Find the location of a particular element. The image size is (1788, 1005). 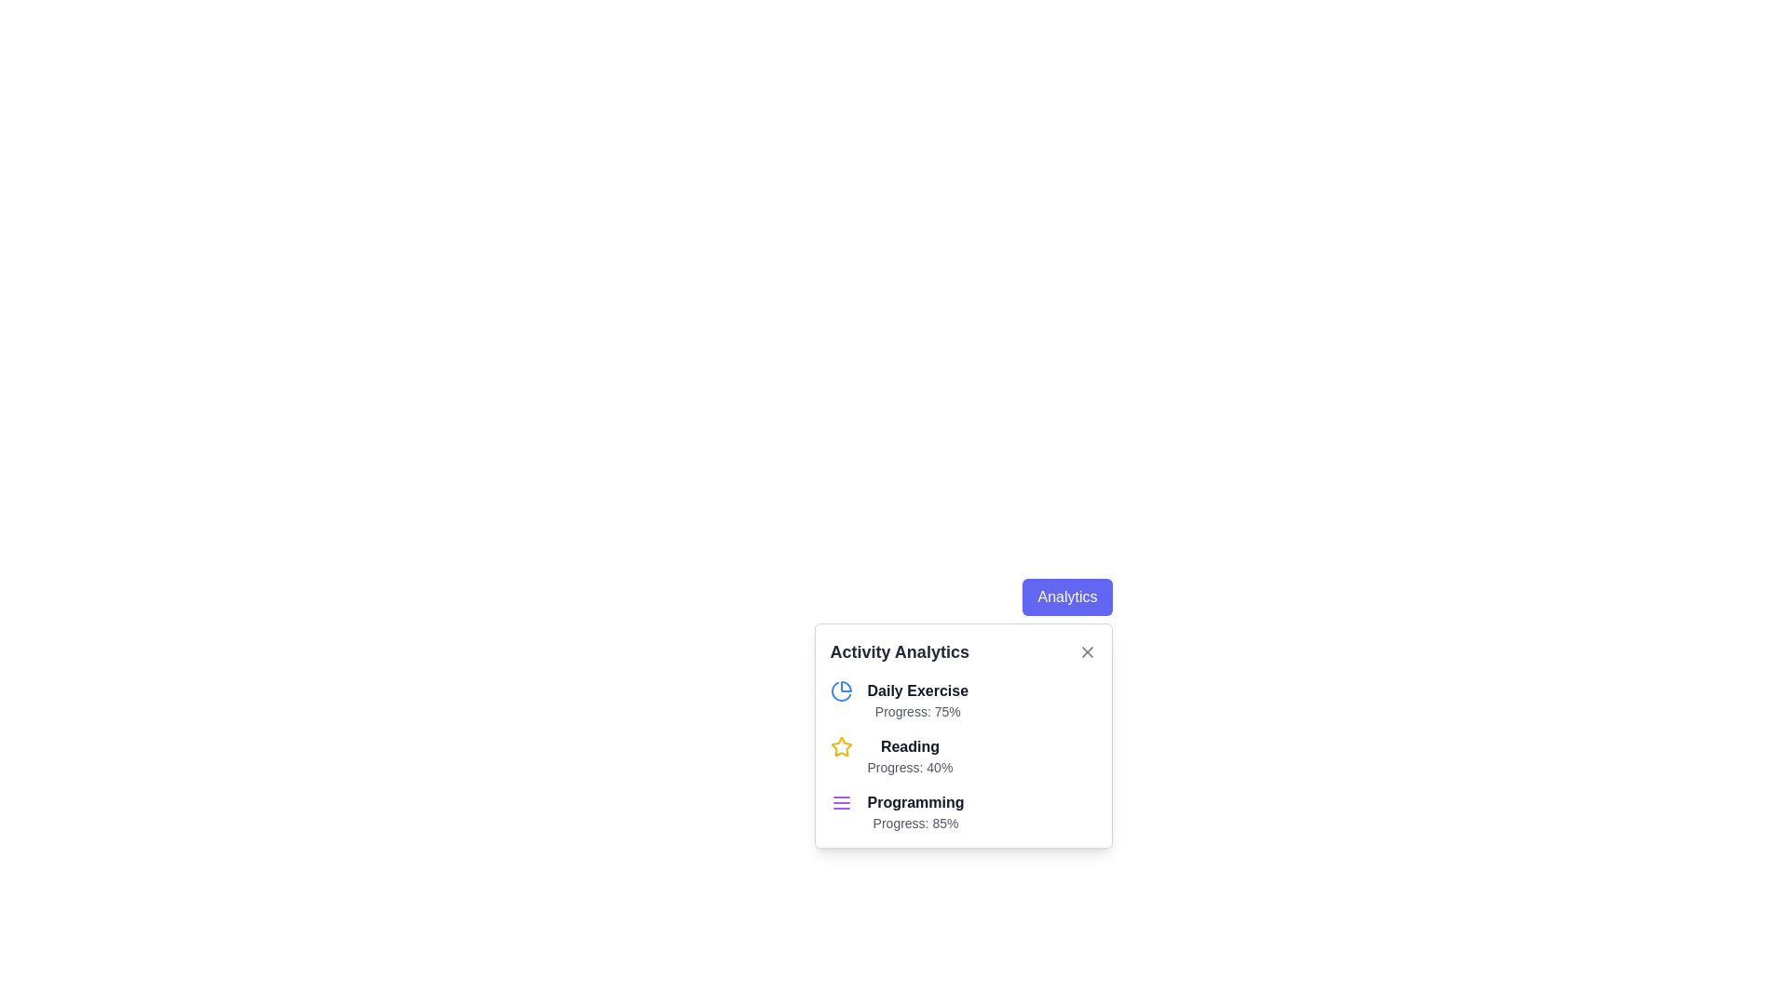

the star-shaped icon outlined in yellow, which precedes the text 'Reading' in the progress list, indicating the 'Reading' entry in the 'Activity Analytics' section is located at coordinates (840, 745).